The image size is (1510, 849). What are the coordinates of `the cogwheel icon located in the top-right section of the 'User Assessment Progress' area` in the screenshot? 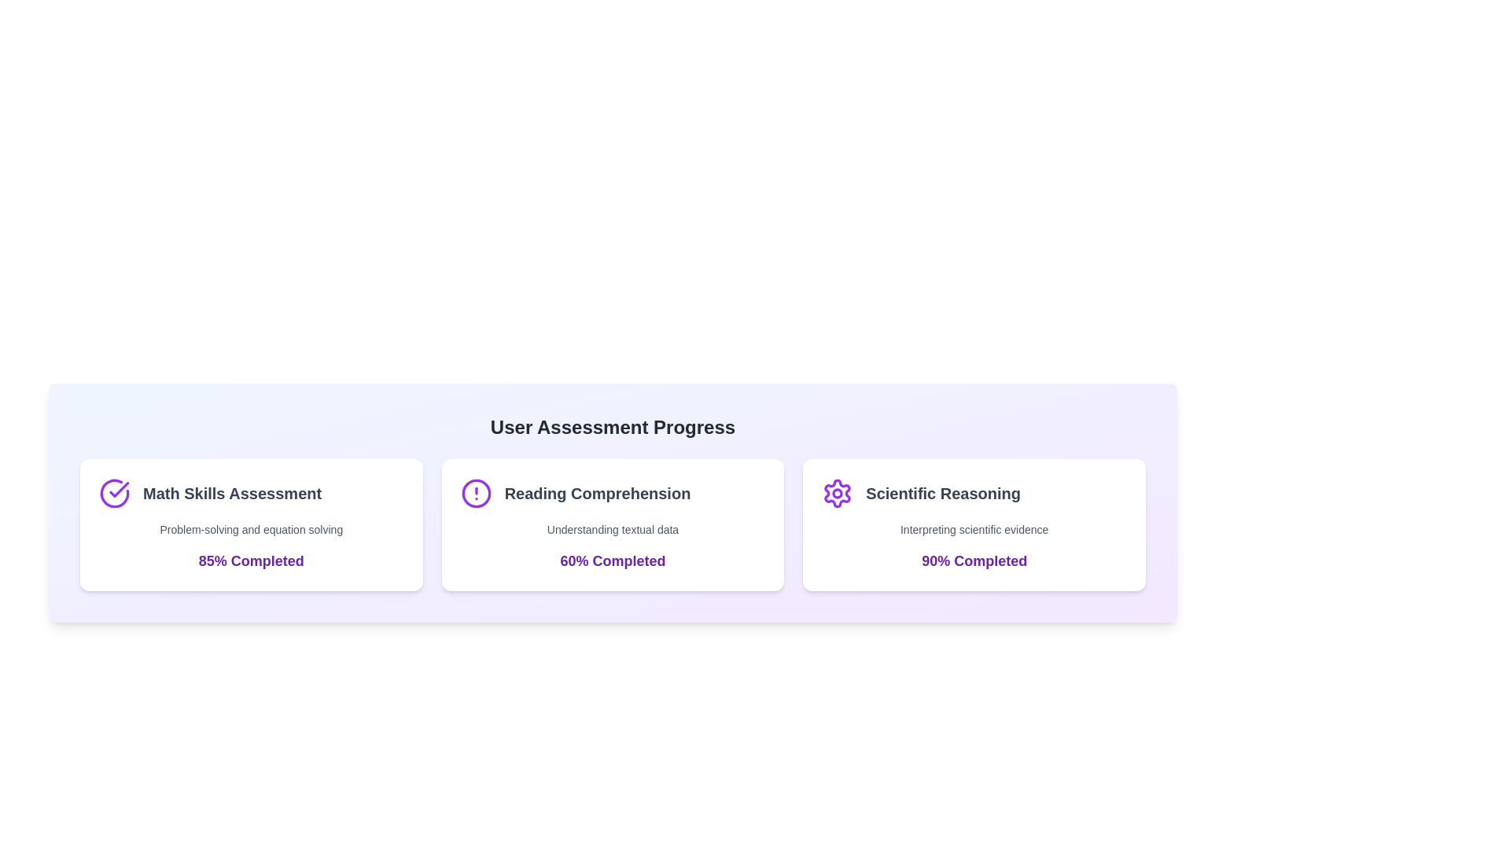 It's located at (837, 493).